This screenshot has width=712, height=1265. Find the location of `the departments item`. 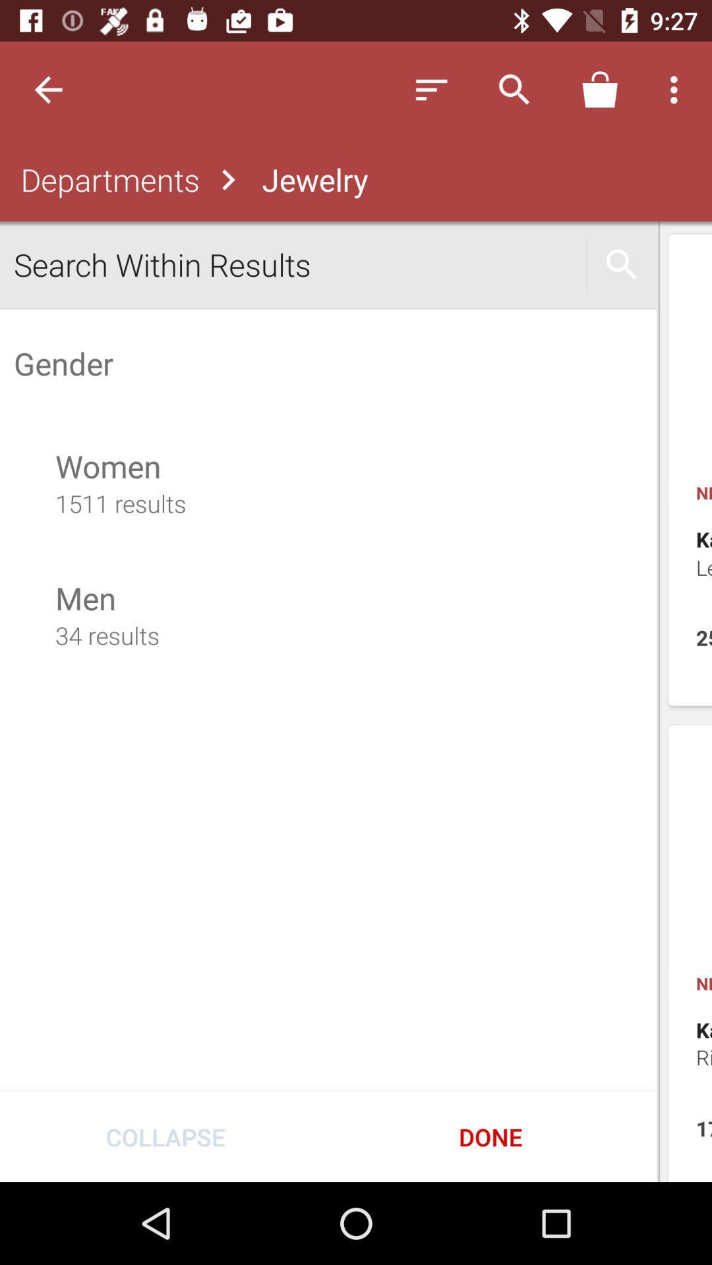

the departments item is located at coordinates (106, 179).